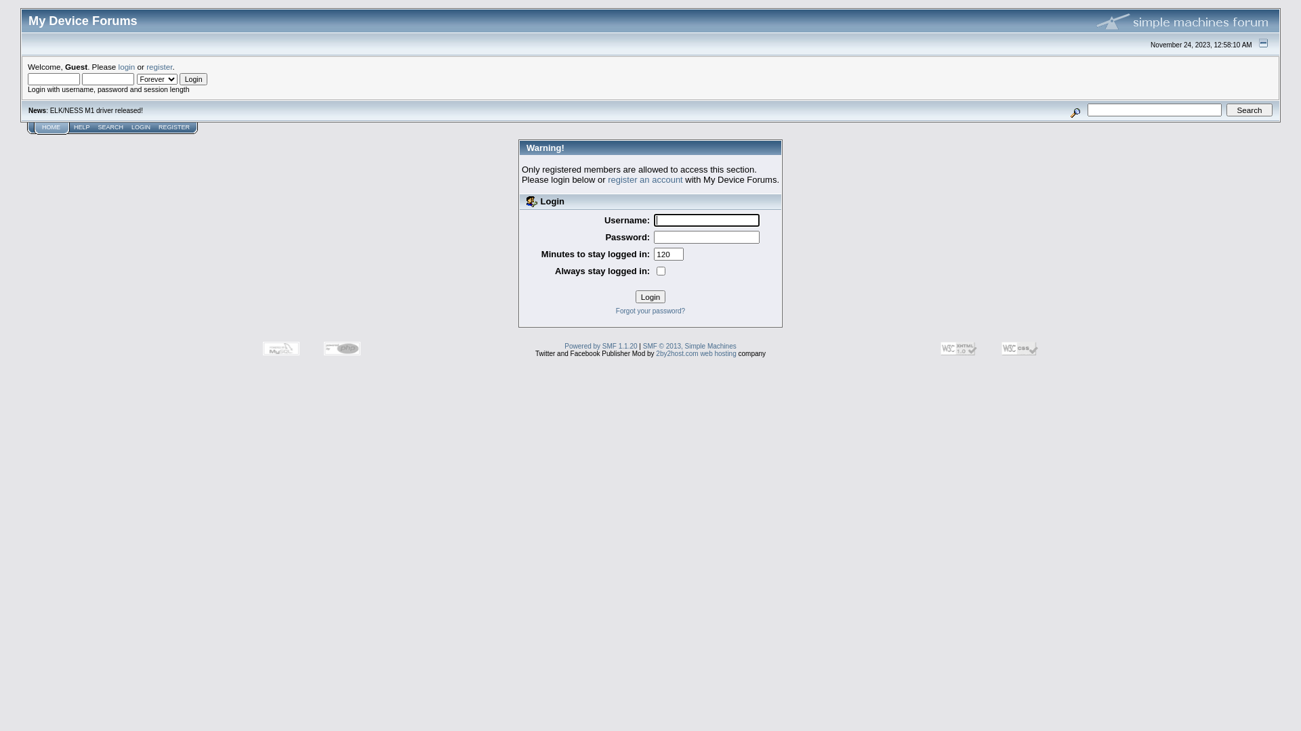 Image resolution: width=1301 pixels, height=731 pixels. Describe the element at coordinates (140, 127) in the screenshot. I see `'LOGIN'` at that location.